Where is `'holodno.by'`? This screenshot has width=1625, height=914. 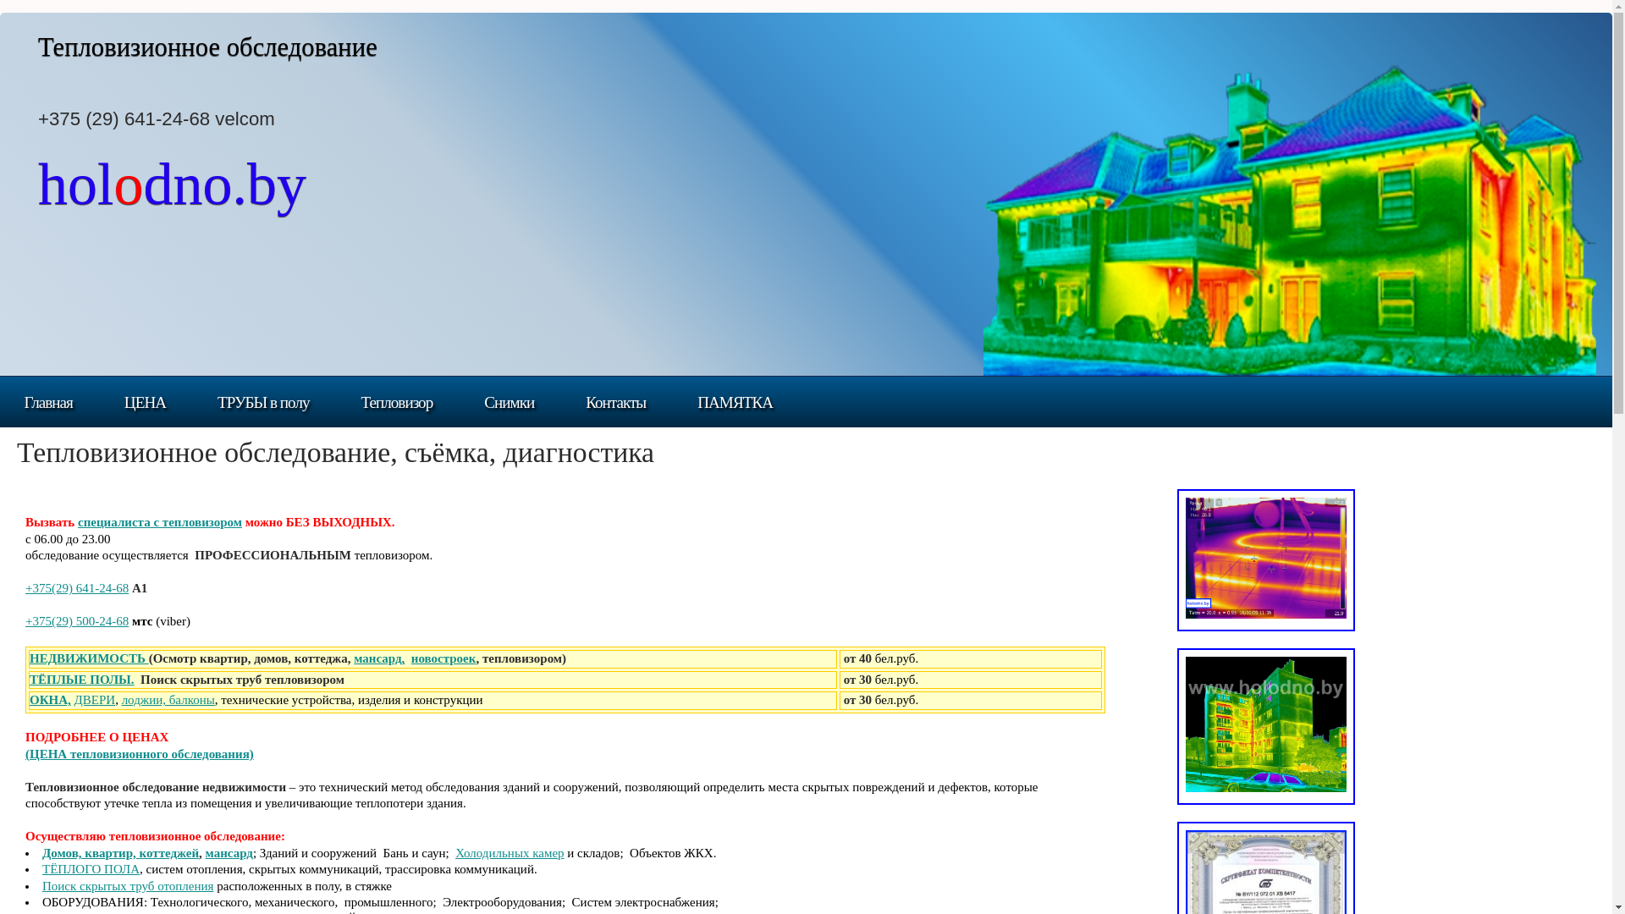 'holodno.by' is located at coordinates (172, 195).